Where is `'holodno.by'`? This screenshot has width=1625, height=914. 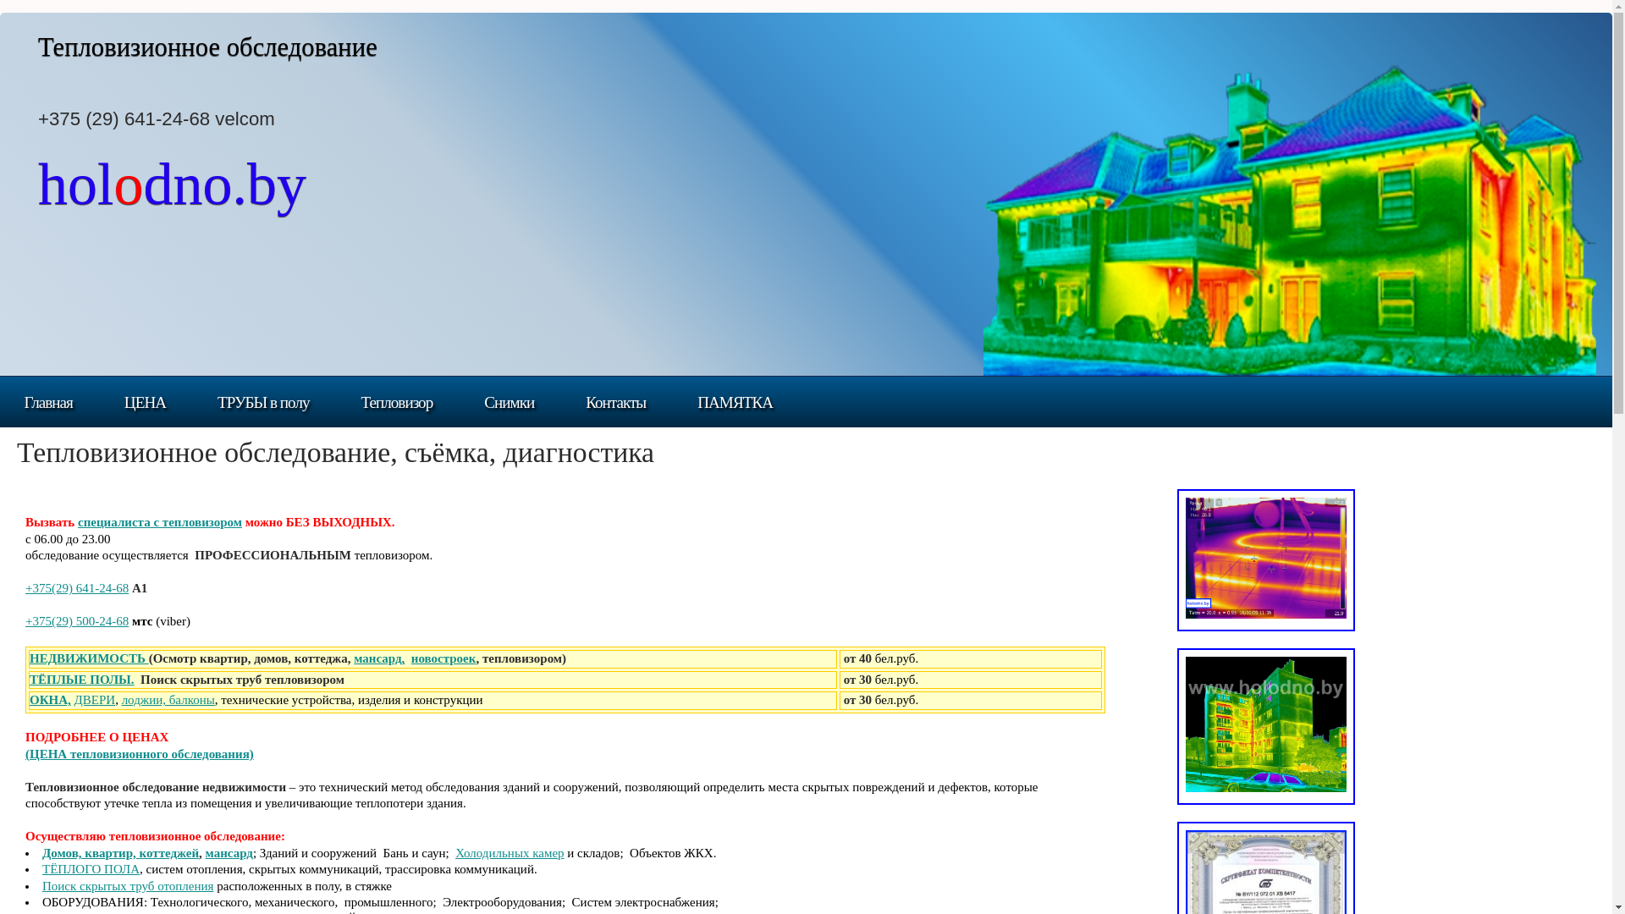 'holodno.by' is located at coordinates (172, 195).